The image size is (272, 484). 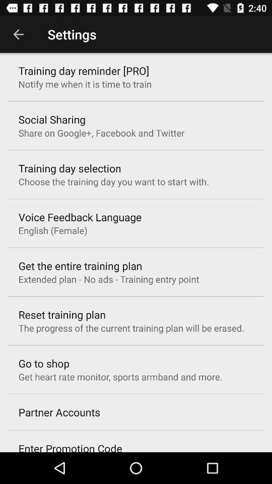 I want to click on icon above the training day selection item, so click(x=101, y=132).